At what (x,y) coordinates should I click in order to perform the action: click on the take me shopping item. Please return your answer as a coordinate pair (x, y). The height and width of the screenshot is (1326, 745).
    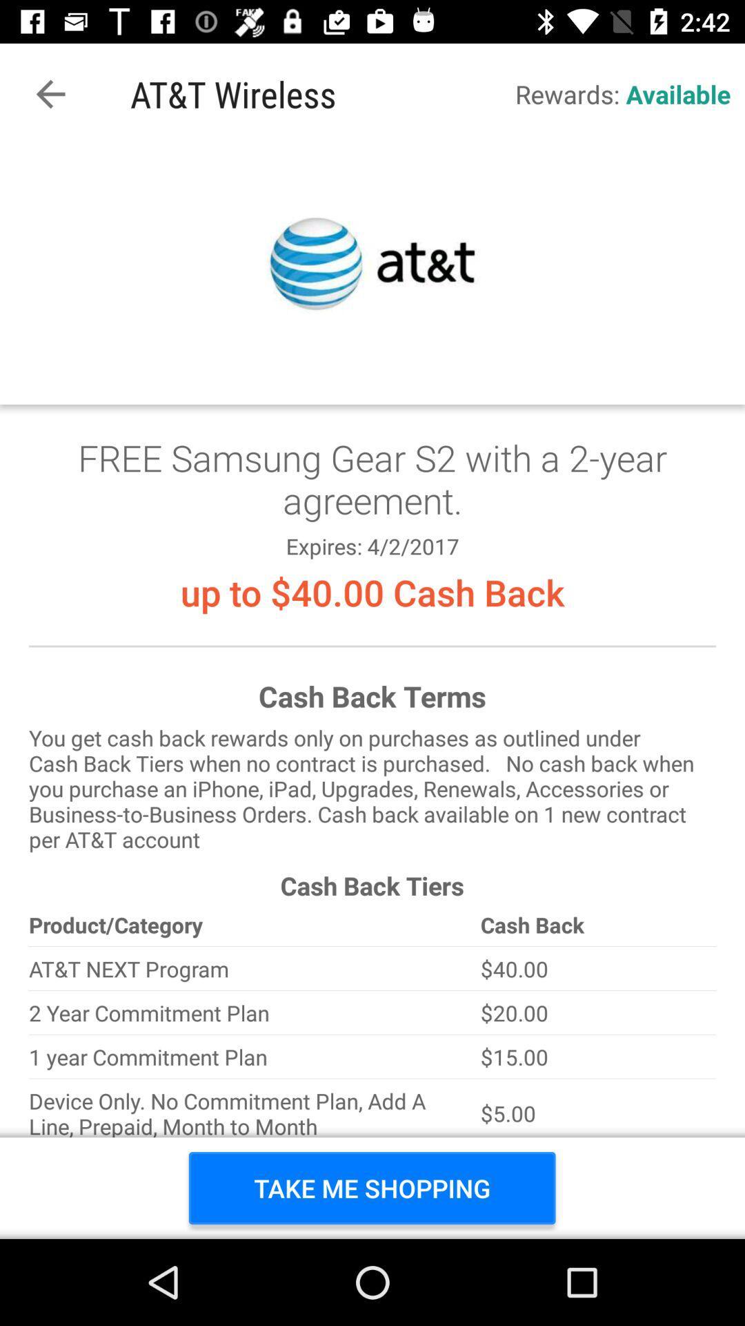
    Looking at the image, I should click on (371, 1187).